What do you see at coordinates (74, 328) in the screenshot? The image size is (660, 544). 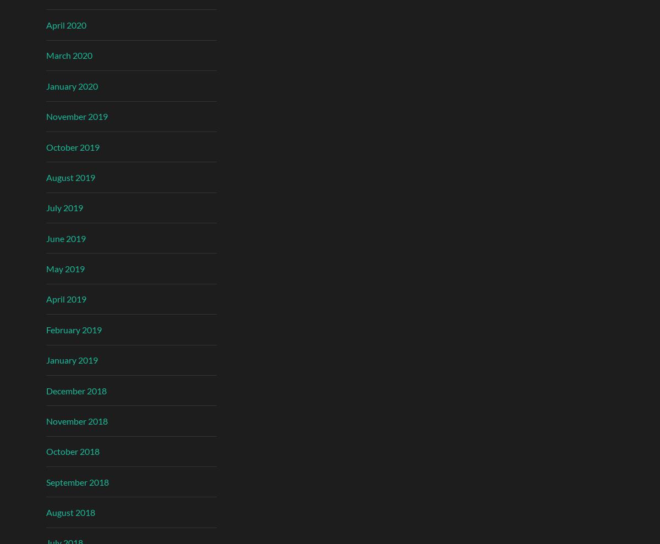 I see `'February 2019'` at bounding box center [74, 328].